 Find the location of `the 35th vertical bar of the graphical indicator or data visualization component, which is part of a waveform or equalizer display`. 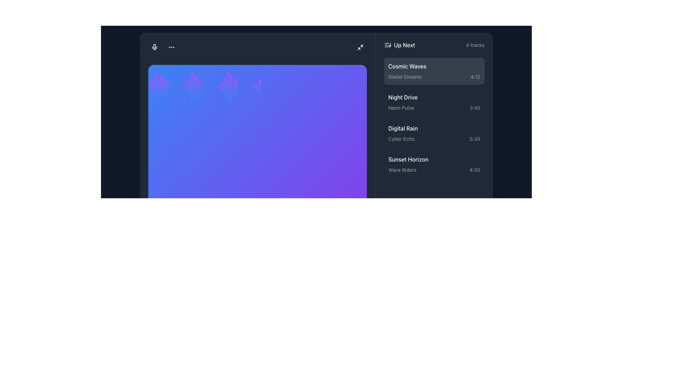

the 35th vertical bar of the graphical indicator or data visualization component, which is part of a waveform or equalizer display is located at coordinates (256, 86).